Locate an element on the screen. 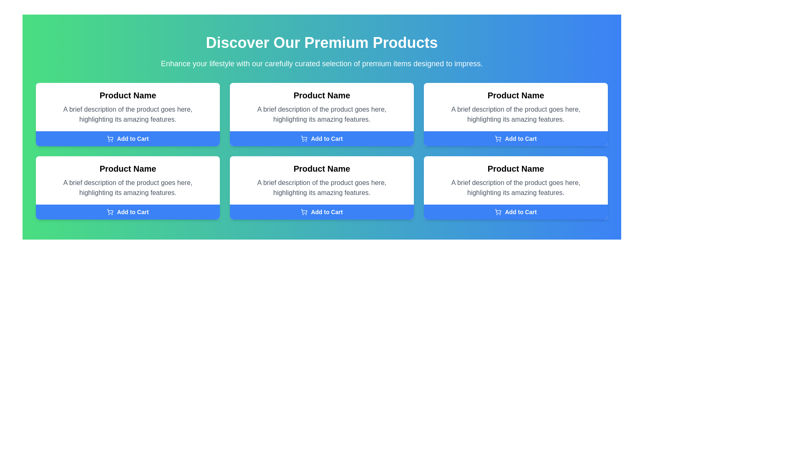 This screenshot has width=801, height=450. the Text block that contains the bold title 'Product Name' and a description of product features, located in the second row, middle column of the grid is located at coordinates (321, 180).